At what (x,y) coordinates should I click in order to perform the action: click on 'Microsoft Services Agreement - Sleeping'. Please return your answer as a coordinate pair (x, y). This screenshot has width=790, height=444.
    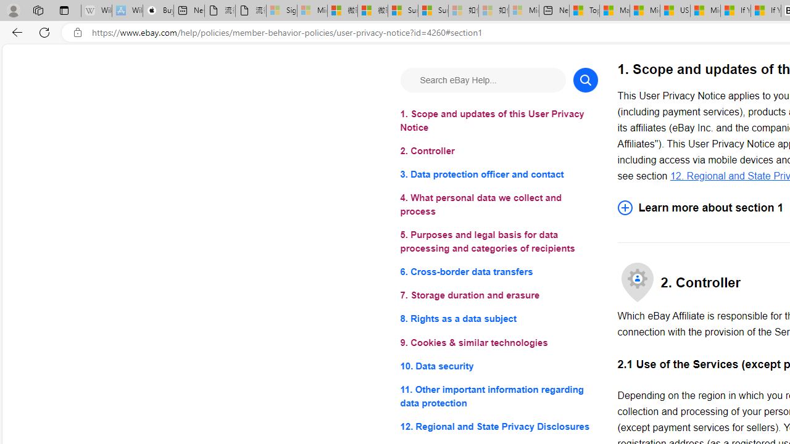
    Looking at the image, I should click on (312, 10).